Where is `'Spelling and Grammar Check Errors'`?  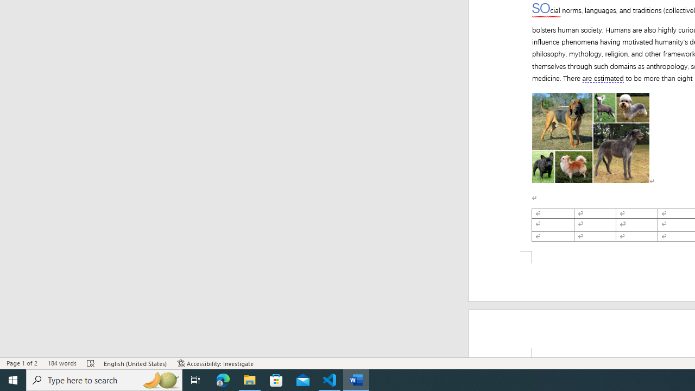
'Spelling and Grammar Check Errors' is located at coordinates (91, 363).